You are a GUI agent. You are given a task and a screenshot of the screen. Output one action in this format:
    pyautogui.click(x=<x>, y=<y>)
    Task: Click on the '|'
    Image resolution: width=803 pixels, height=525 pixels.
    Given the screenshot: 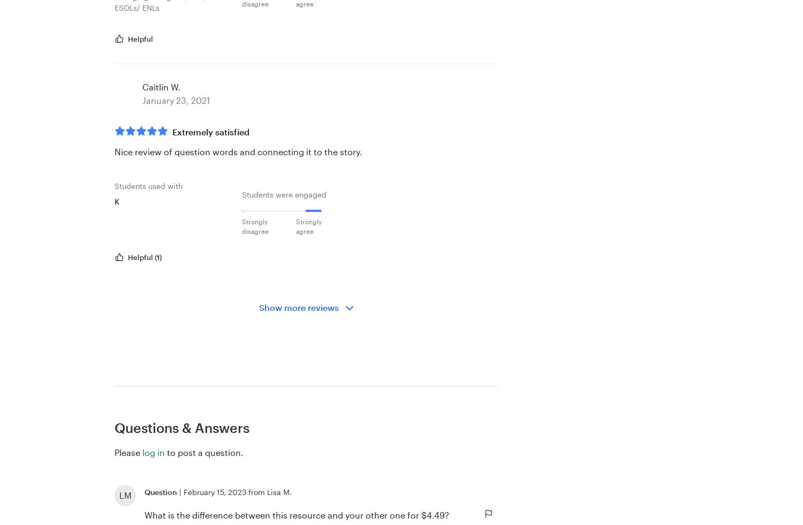 What is the action you would take?
    pyautogui.click(x=180, y=492)
    